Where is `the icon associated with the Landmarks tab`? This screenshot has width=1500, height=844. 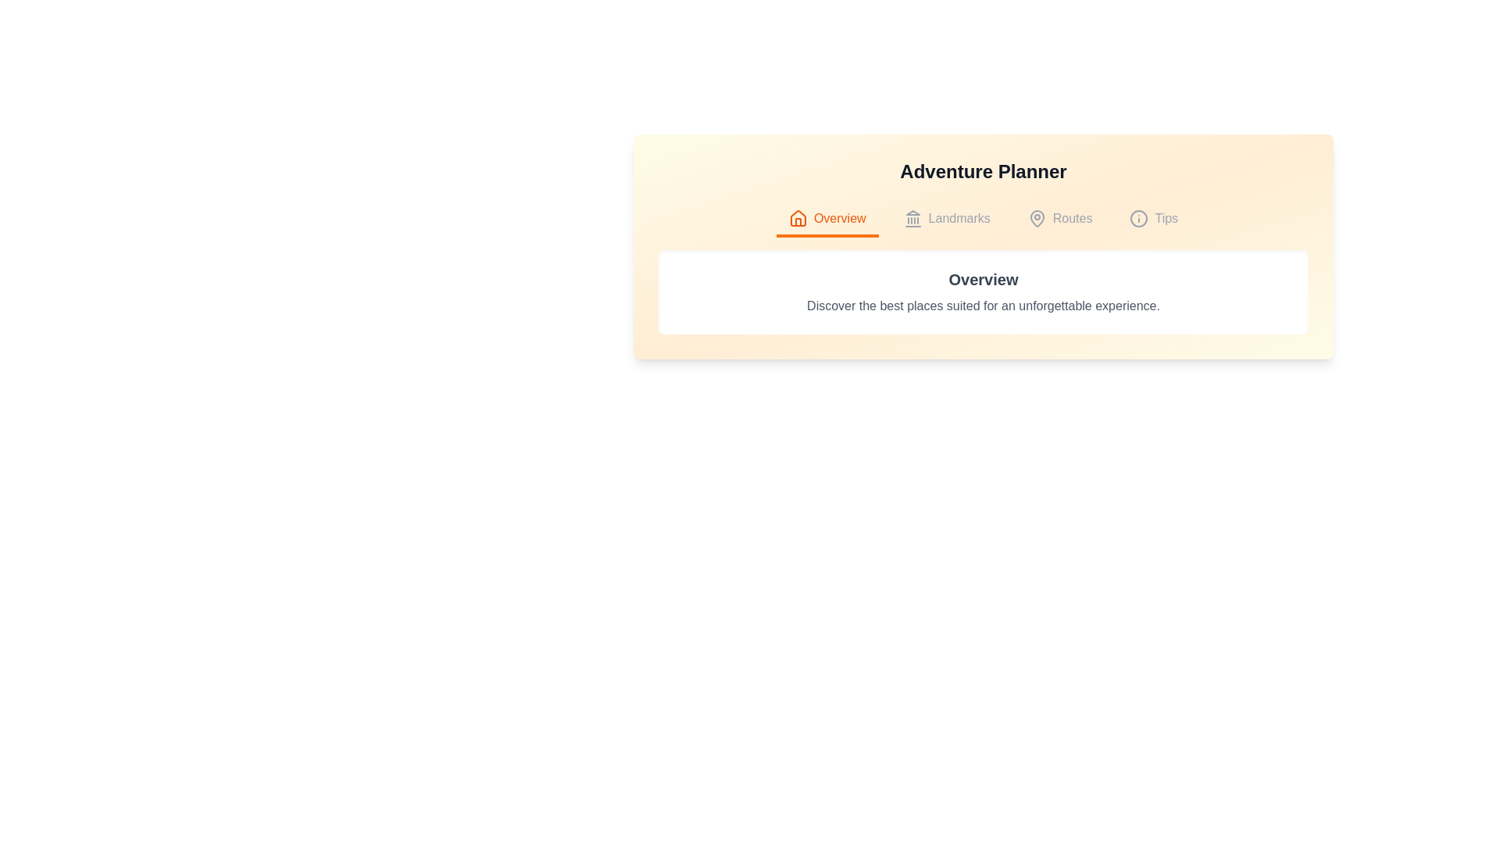 the icon associated with the Landmarks tab is located at coordinates (912, 219).